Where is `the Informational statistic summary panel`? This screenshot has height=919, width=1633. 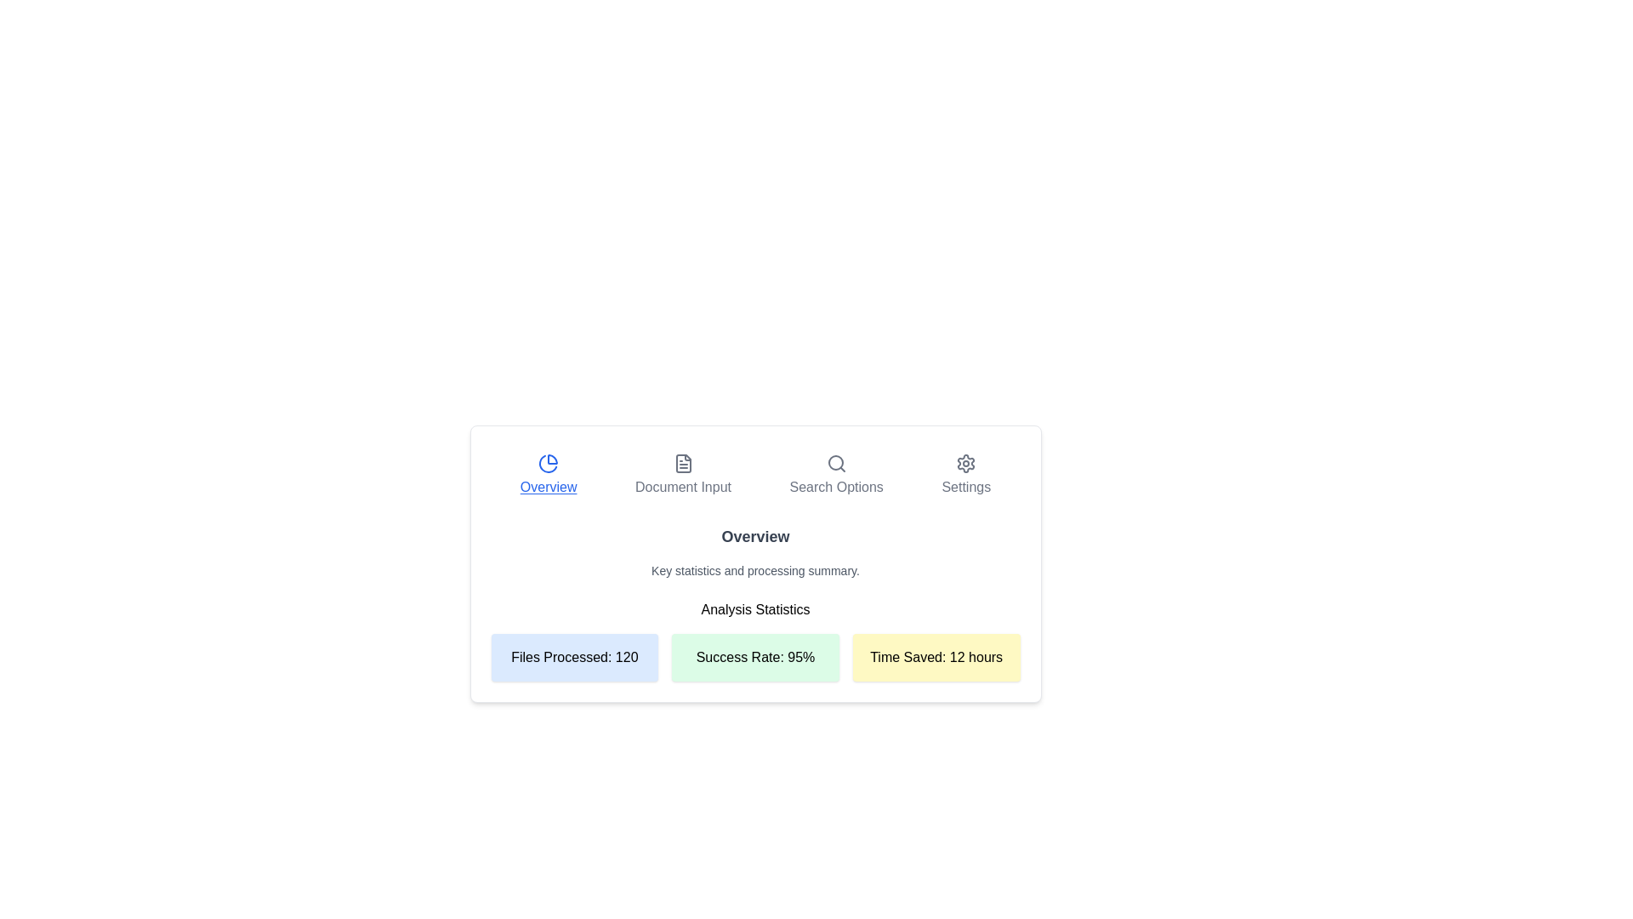
the Informational statistic summary panel is located at coordinates (754, 656).